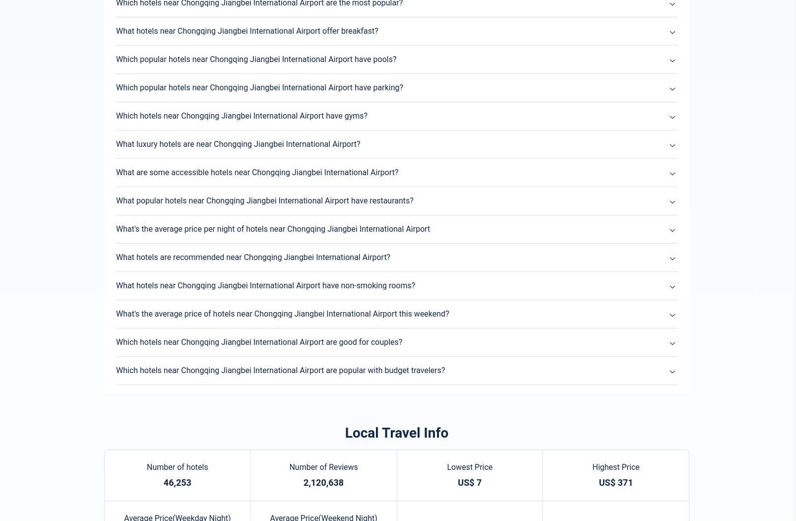 Image resolution: width=796 pixels, height=521 pixels. What do you see at coordinates (175, 240) in the screenshot?
I see `'Days Hotel & Suites by Wyndham Hillsun Chongqing'` at bounding box center [175, 240].